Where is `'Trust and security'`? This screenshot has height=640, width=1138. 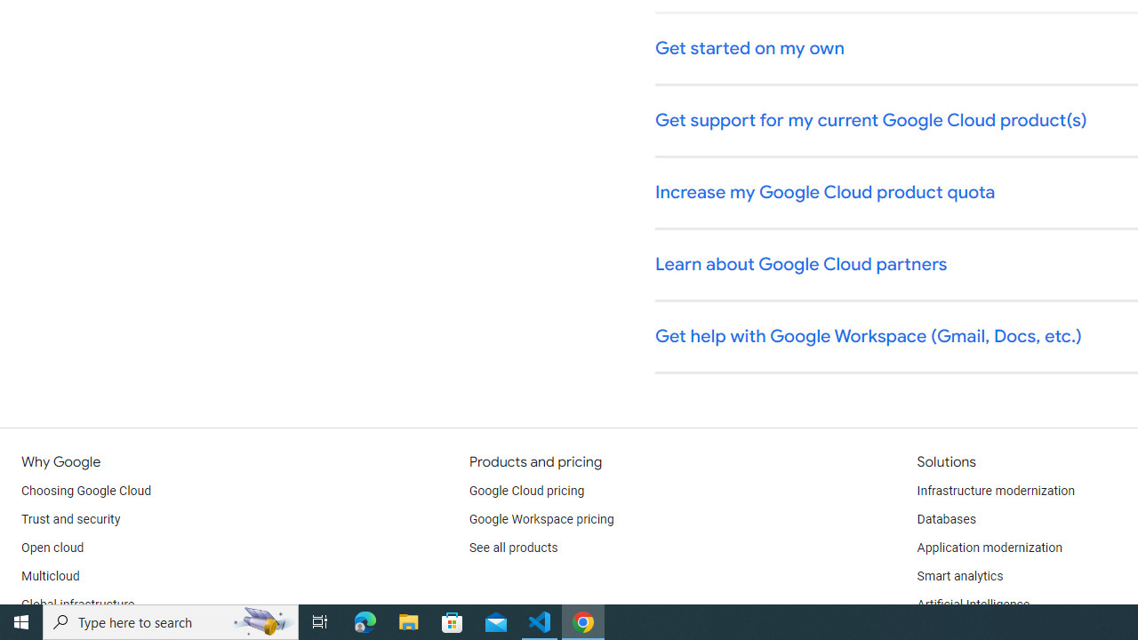 'Trust and security' is located at coordinates (71, 520).